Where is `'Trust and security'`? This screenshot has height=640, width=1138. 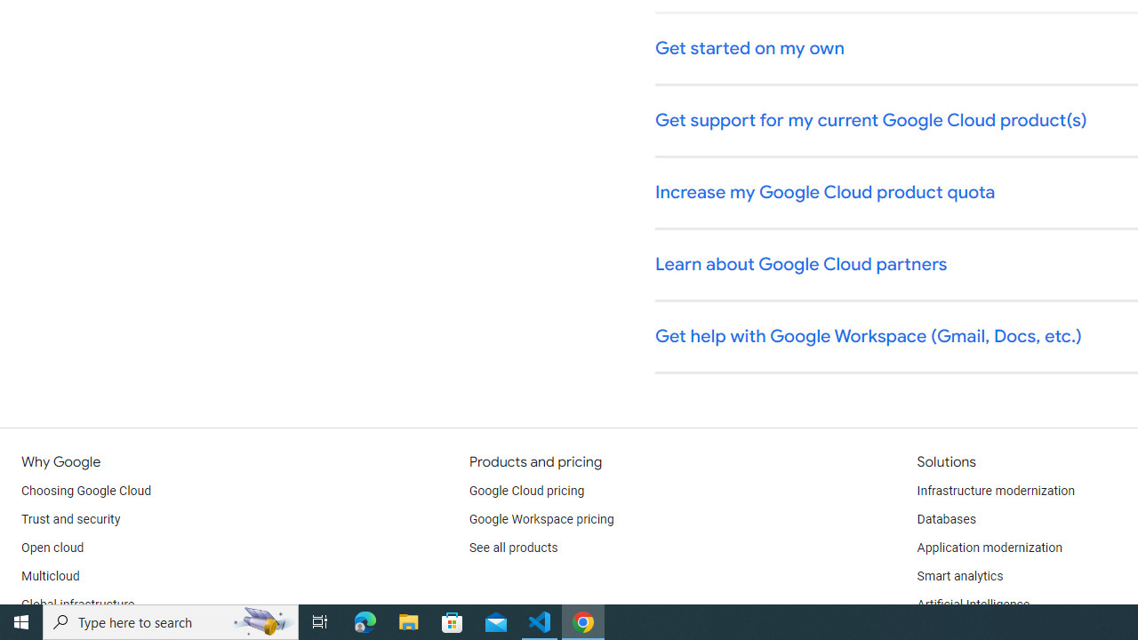 'Trust and security' is located at coordinates (71, 520).